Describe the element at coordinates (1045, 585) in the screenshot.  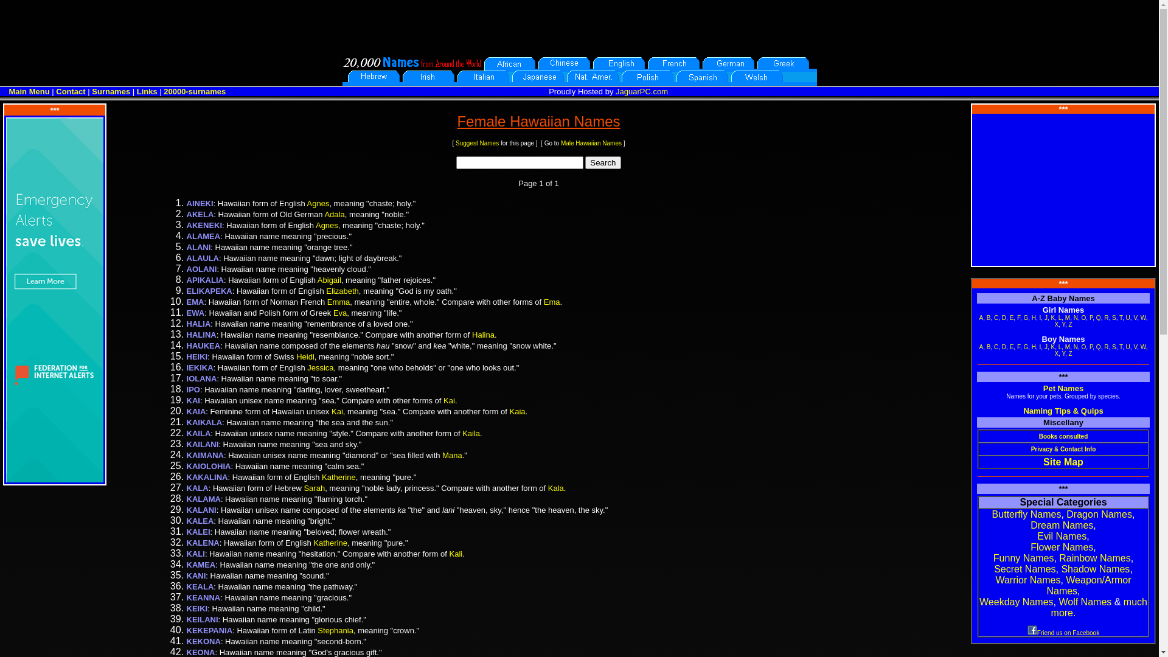
I see `'Weapon/Armor Names'` at that location.